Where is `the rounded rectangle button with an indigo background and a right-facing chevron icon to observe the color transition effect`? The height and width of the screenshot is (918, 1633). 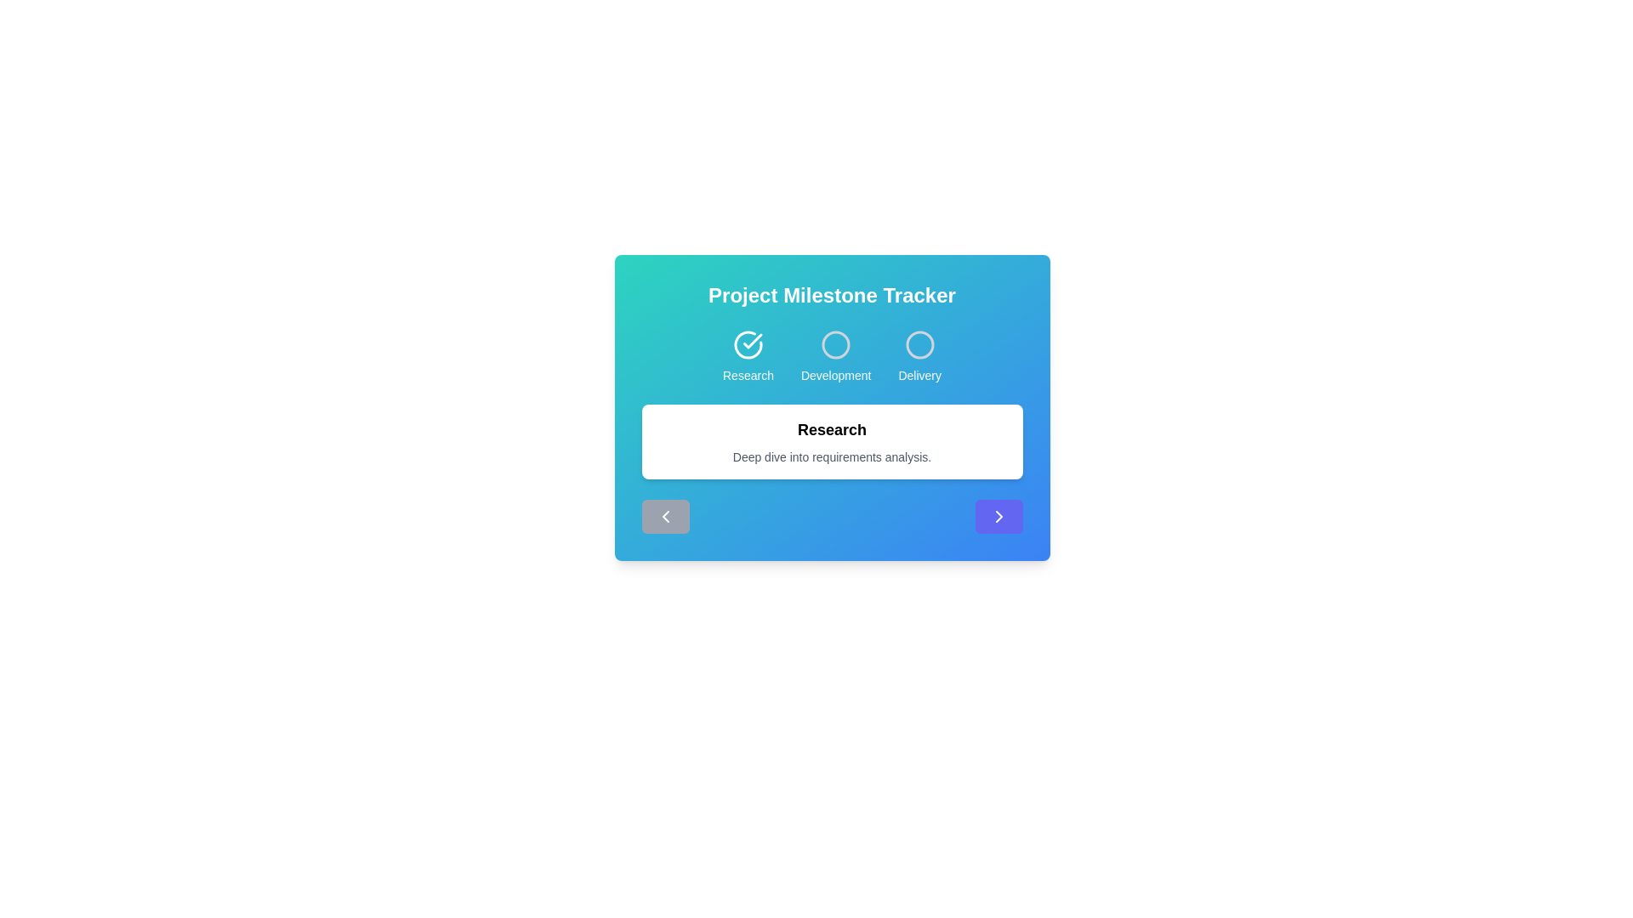
the rounded rectangle button with an indigo background and a right-facing chevron icon to observe the color transition effect is located at coordinates (999, 516).